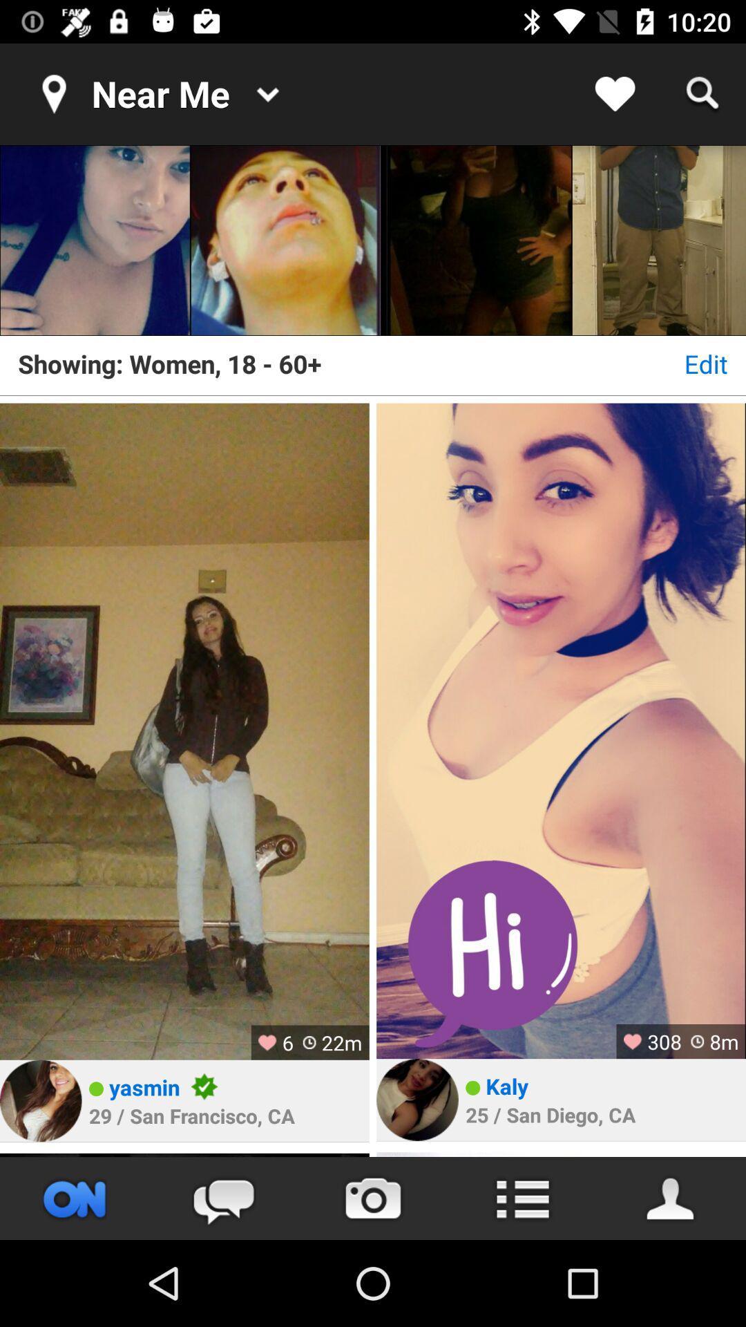 The width and height of the screenshot is (746, 1327). I want to click on the text above 25  san diego ca, so click(507, 1085).